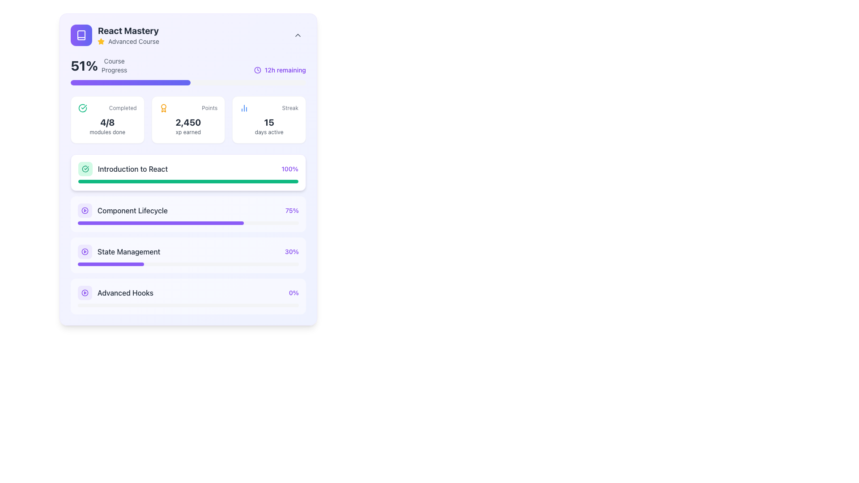 Image resolution: width=859 pixels, height=483 pixels. What do you see at coordinates (101, 41) in the screenshot?
I see `the star icon located near the top of the interface, to the right of the main title 'React Mastery', which serves as a visual indicator of importance` at bounding box center [101, 41].